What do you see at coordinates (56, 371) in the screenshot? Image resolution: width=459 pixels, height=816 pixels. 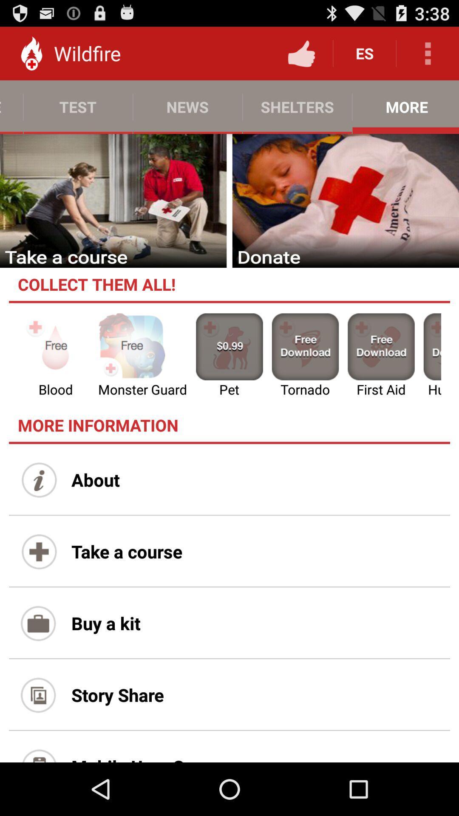 I see `the emoji icon` at bounding box center [56, 371].